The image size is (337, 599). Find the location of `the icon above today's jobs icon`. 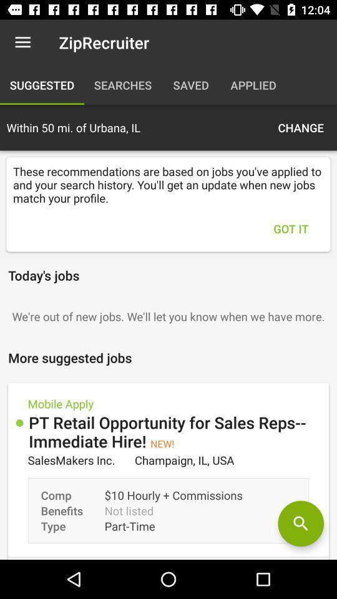

the icon above today's jobs icon is located at coordinates (291, 228).